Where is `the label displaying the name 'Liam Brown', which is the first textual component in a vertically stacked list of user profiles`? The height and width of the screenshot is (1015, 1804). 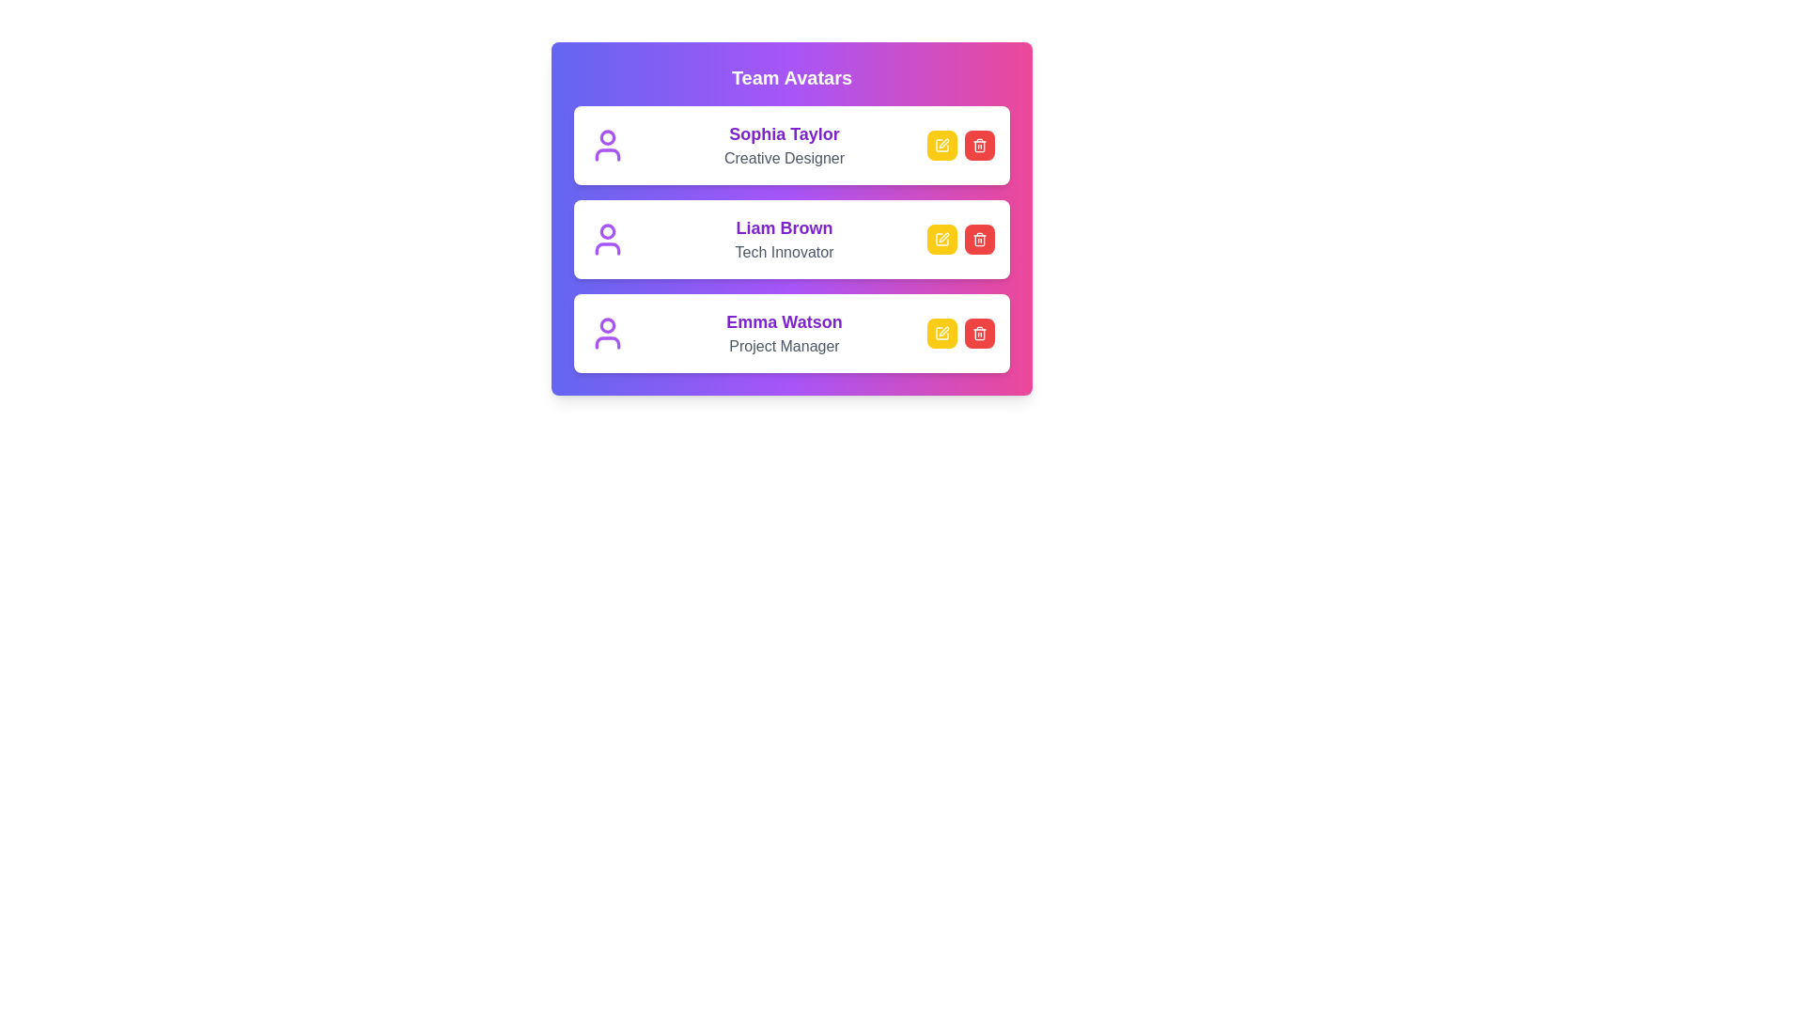
the label displaying the name 'Liam Brown', which is the first textual component in a vertically stacked list of user profiles is located at coordinates (785, 227).